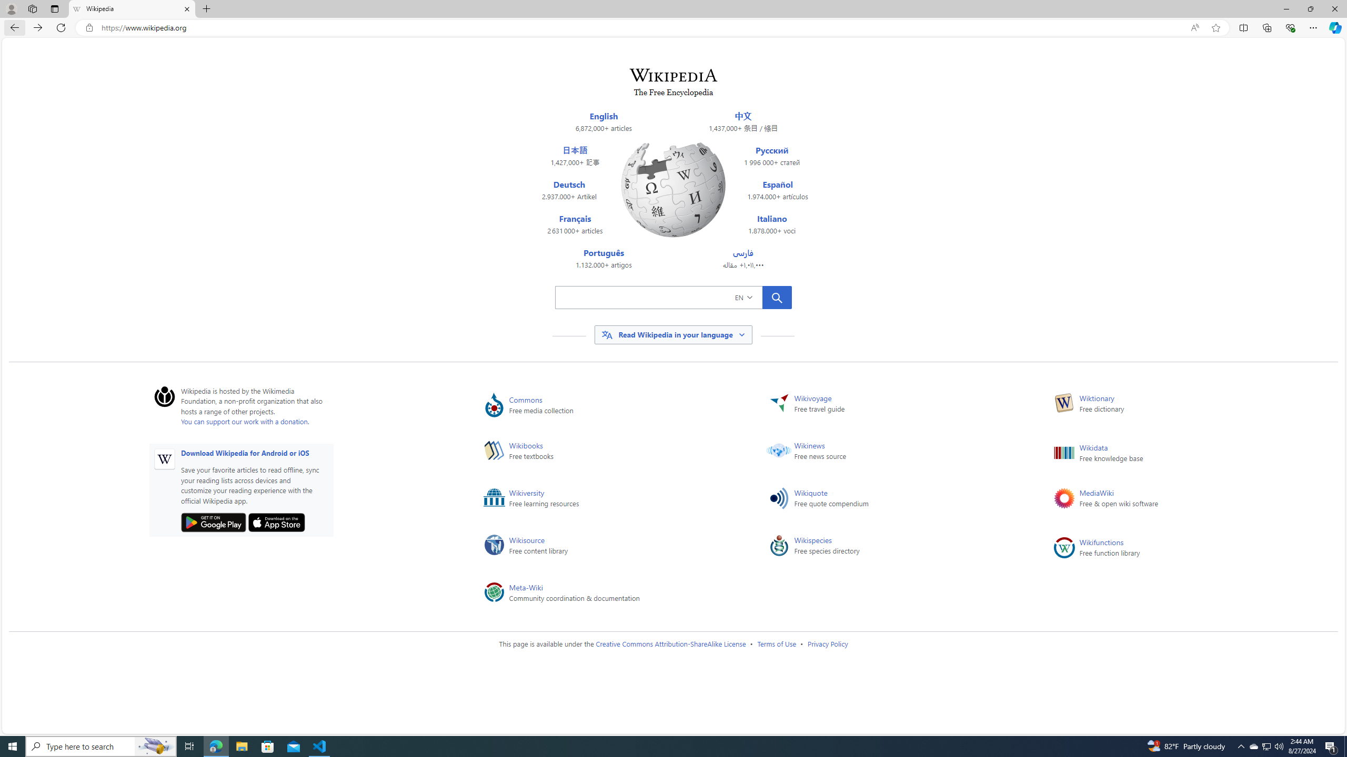 The width and height of the screenshot is (1347, 757). What do you see at coordinates (37, 27) in the screenshot?
I see `'Forward'` at bounding box center [37, 27].